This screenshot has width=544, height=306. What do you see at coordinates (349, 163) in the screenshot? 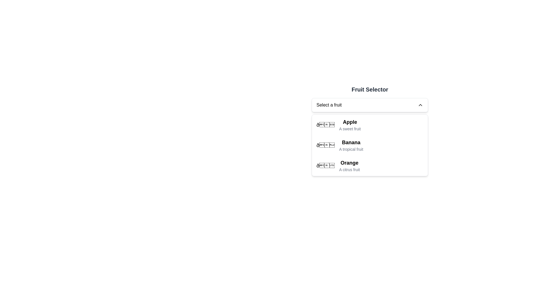
I see `the bold text label for the fruit 'Orange' in the dropdown menu, which is located beneath 'Banana' and above the descriptive text 'A citrus fruit'` at bounding box center [349, 163].